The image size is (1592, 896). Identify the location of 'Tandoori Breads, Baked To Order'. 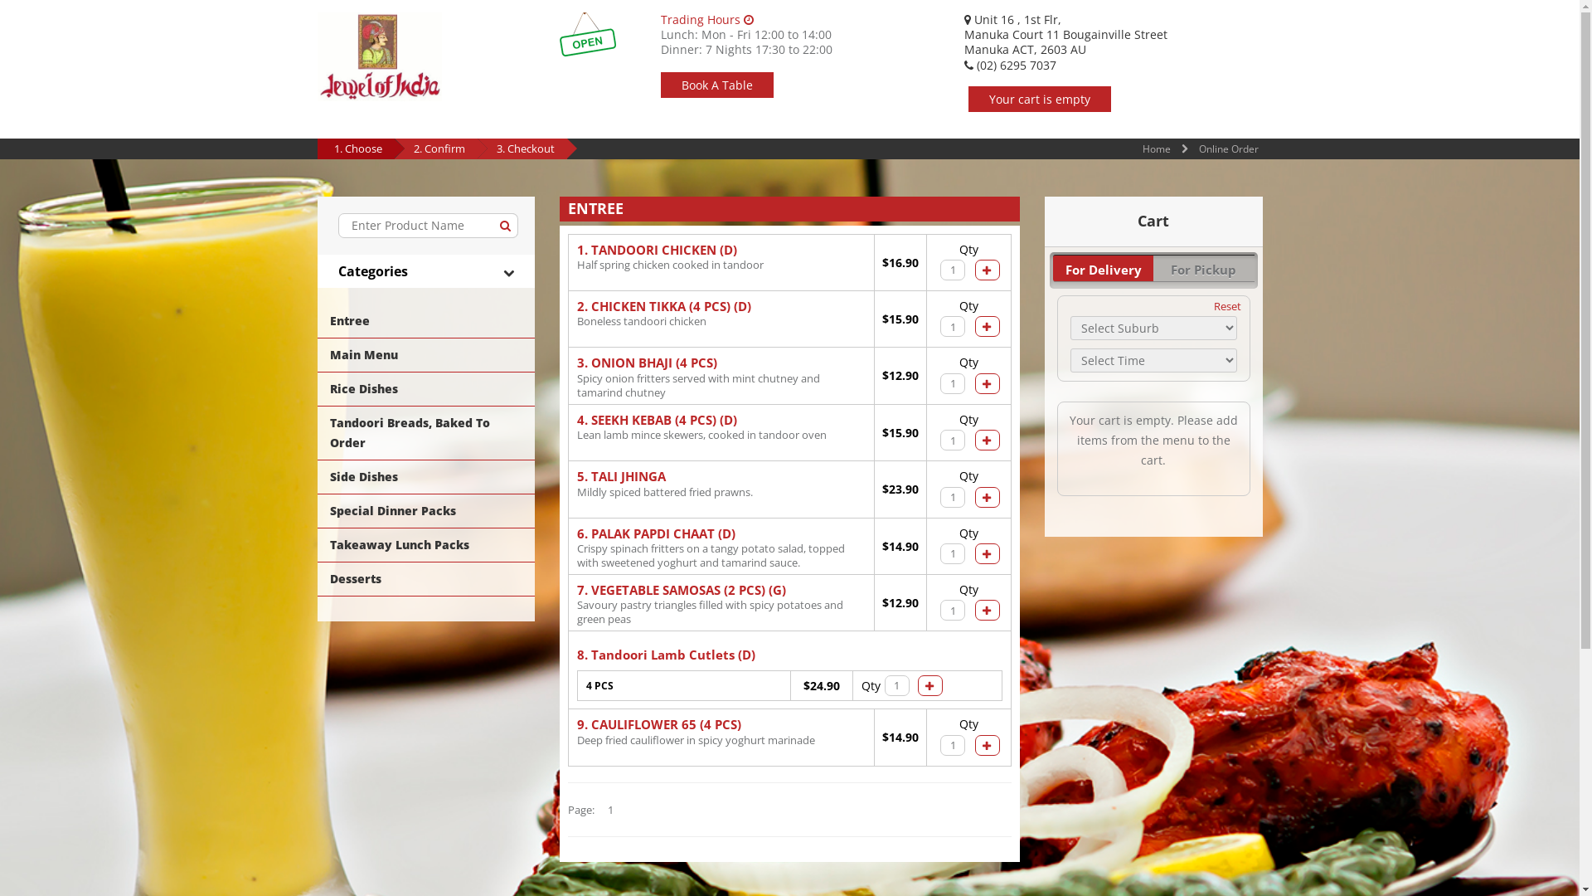
(425, 431).